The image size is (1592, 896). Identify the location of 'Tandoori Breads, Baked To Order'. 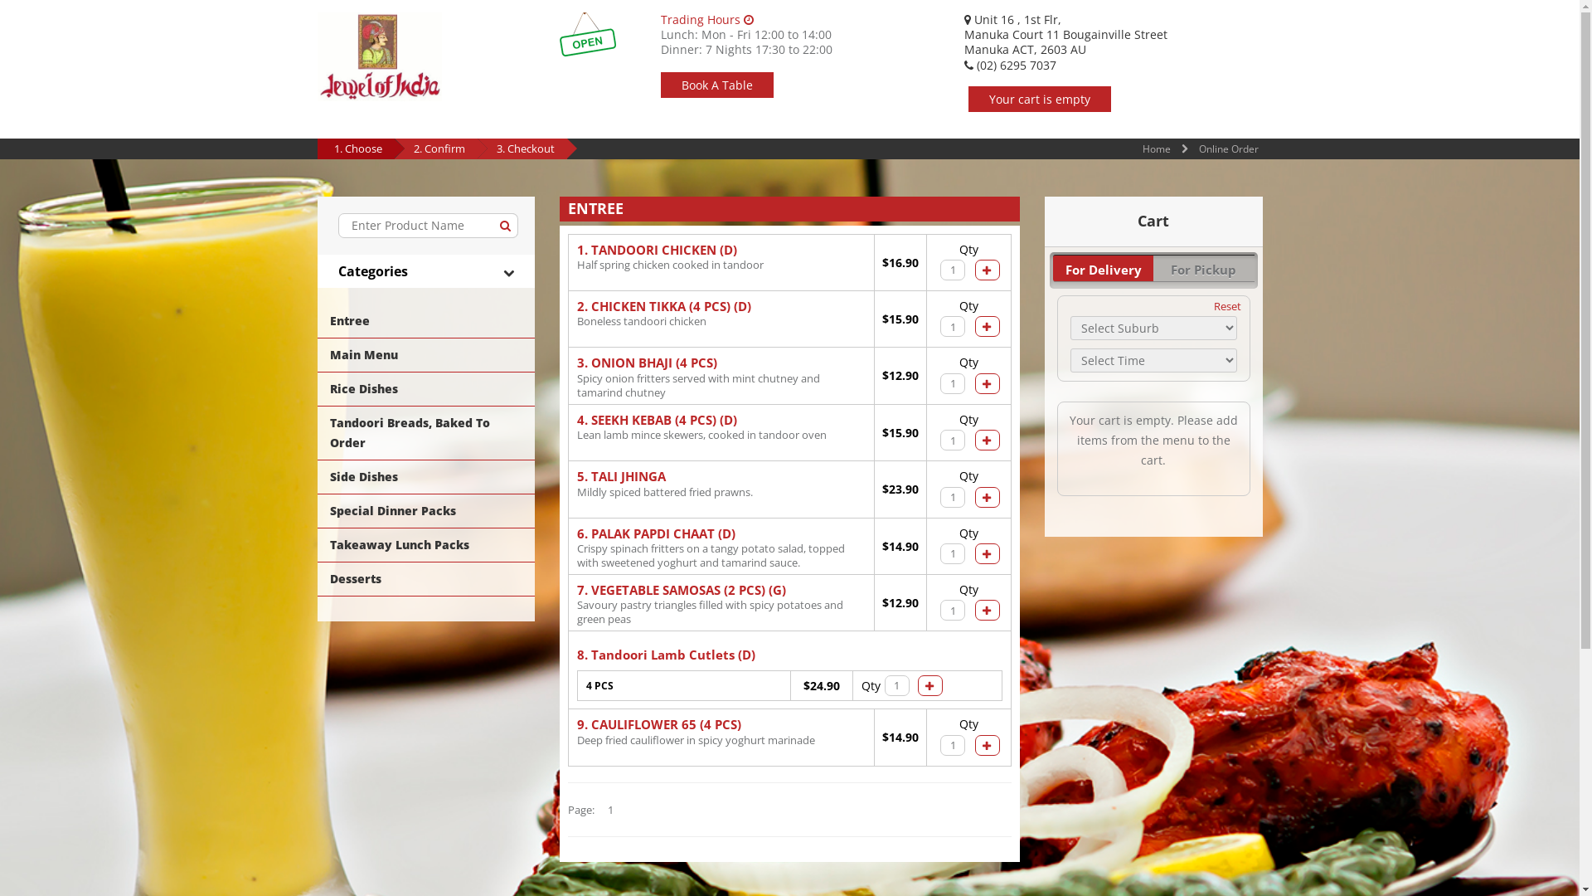
(425, 431).